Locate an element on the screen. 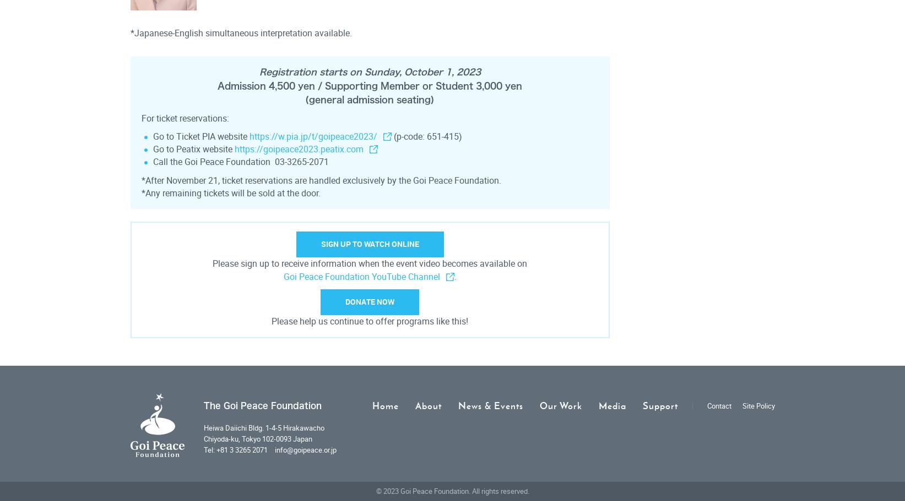 The height and width of the screenshot is (501, 905). 'About' is located at coordinates (427, 405).